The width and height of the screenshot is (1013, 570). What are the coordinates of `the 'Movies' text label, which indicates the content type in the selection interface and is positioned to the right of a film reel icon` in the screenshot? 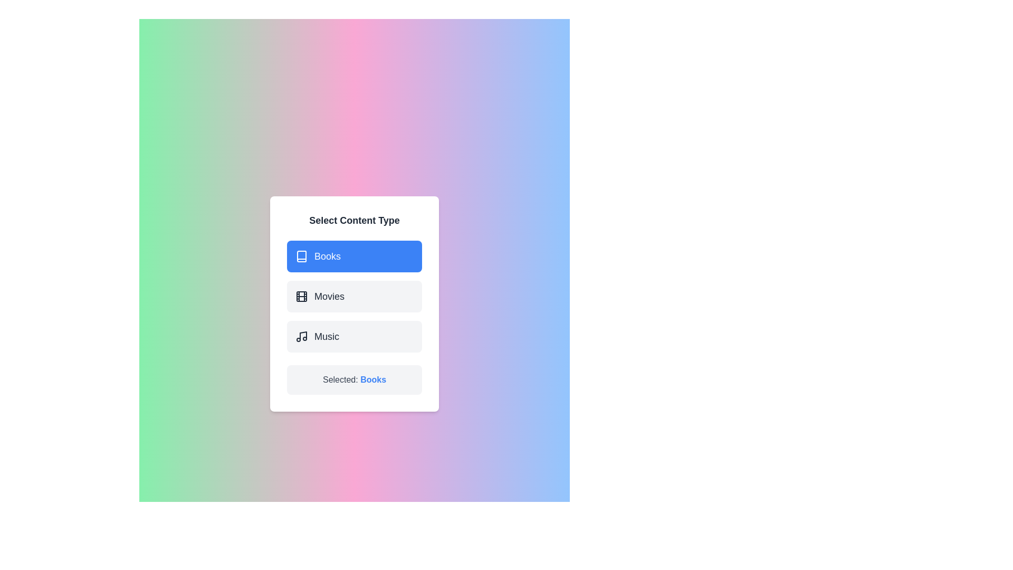 It's located at (329, 297).